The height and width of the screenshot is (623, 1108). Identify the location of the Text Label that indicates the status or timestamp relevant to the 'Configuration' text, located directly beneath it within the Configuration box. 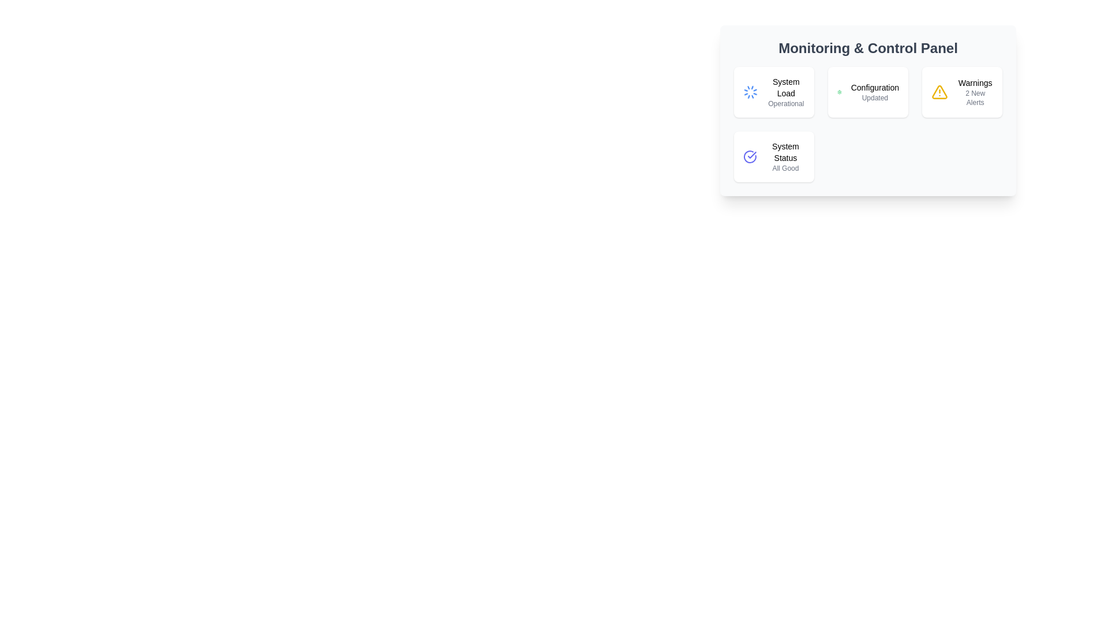
(875, 97).